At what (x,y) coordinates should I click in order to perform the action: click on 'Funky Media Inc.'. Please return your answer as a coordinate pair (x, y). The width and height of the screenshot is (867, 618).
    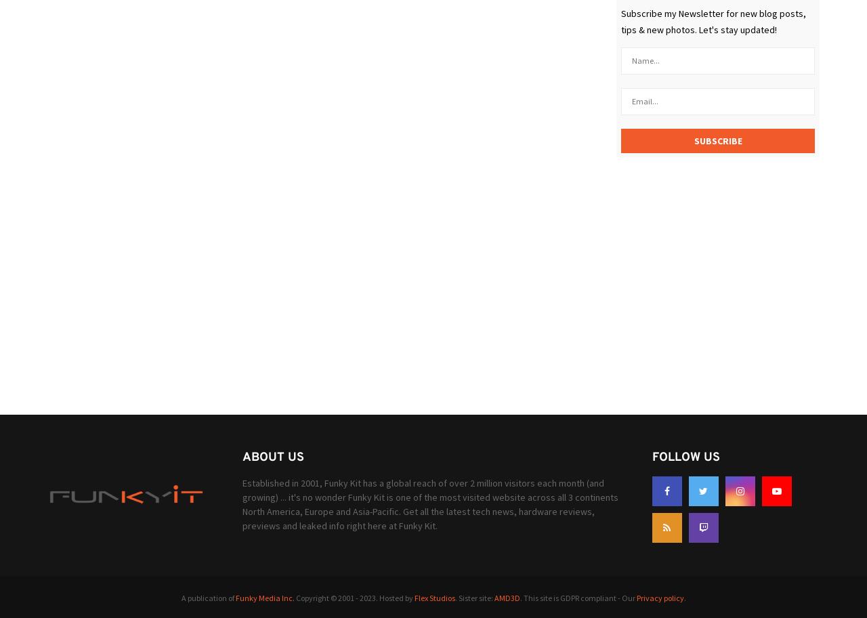
    Looking at the image, I should click on (235, 596).